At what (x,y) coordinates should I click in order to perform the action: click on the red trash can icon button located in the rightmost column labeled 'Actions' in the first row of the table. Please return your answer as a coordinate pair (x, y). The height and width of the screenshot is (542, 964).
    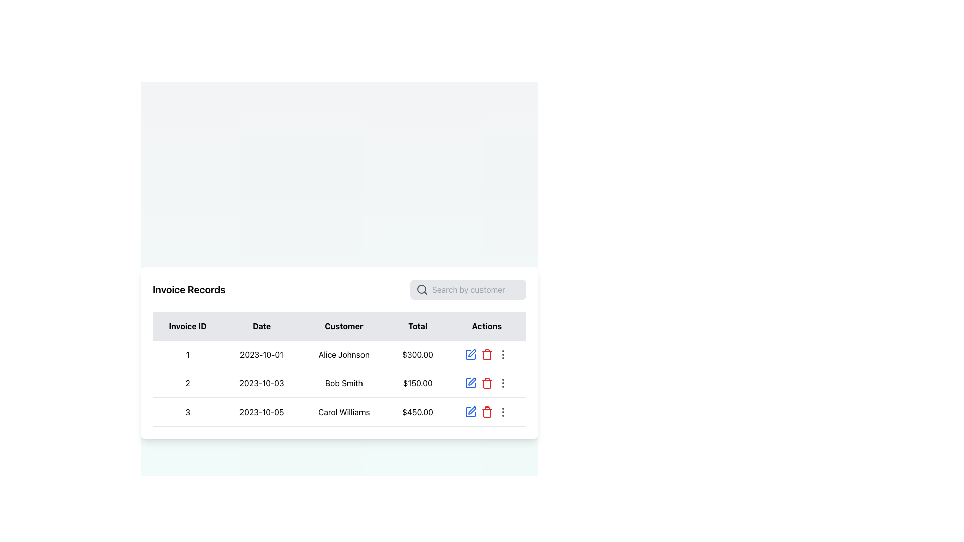
    Looking at the image, I should click on (487, 354).